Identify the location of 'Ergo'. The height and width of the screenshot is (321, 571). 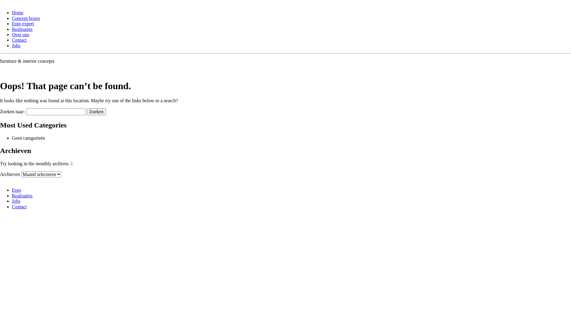
(16, 190).